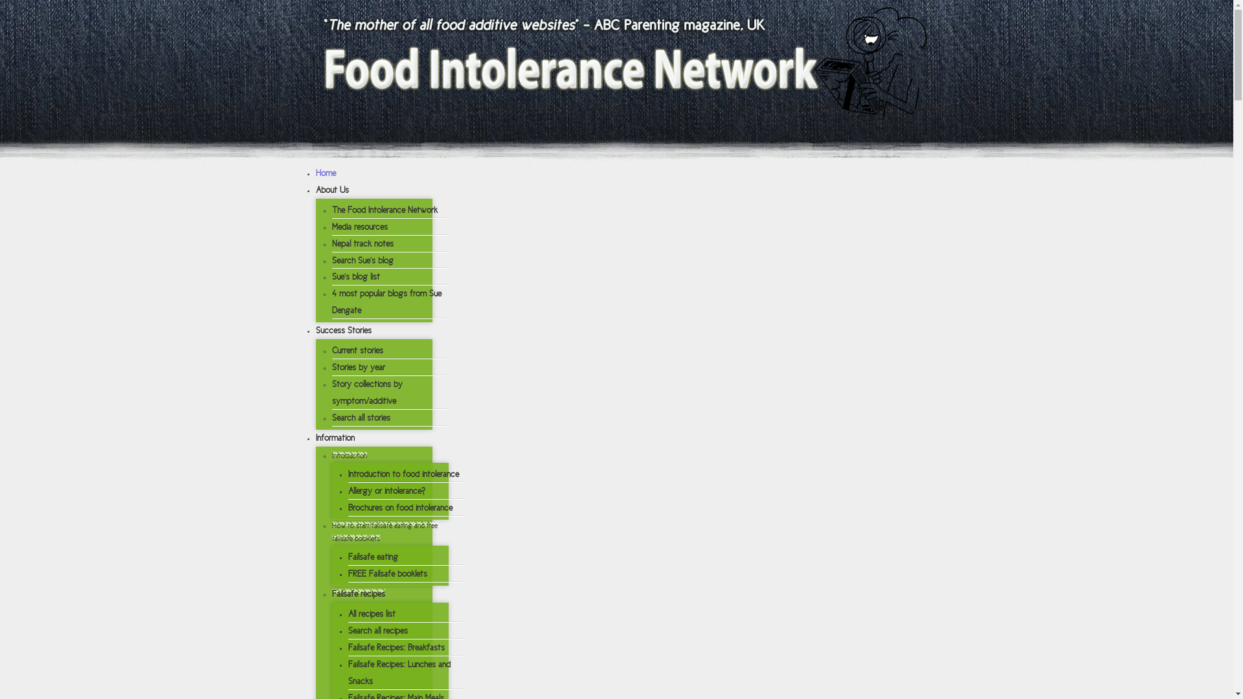 This screenshot has height=699, width=1243. What do you see at coordinates (417, 306) in the screenshot?
I see `'VIDEO Introduction to food intolerance'` at bounding box center [417, 306].